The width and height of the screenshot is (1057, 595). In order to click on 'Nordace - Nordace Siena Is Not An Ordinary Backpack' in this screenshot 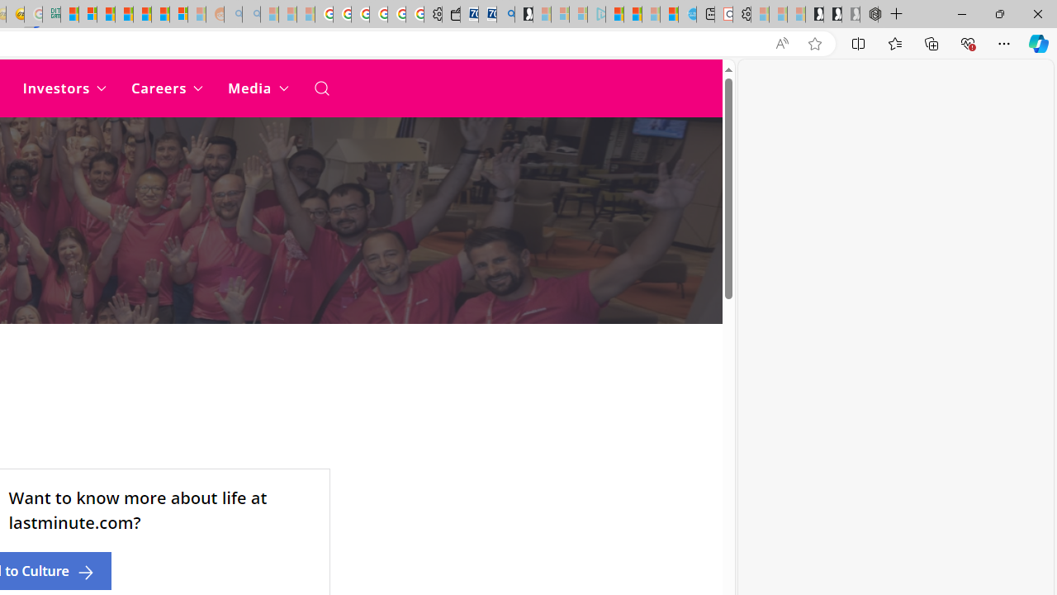, I will do `click(868, 14)`.